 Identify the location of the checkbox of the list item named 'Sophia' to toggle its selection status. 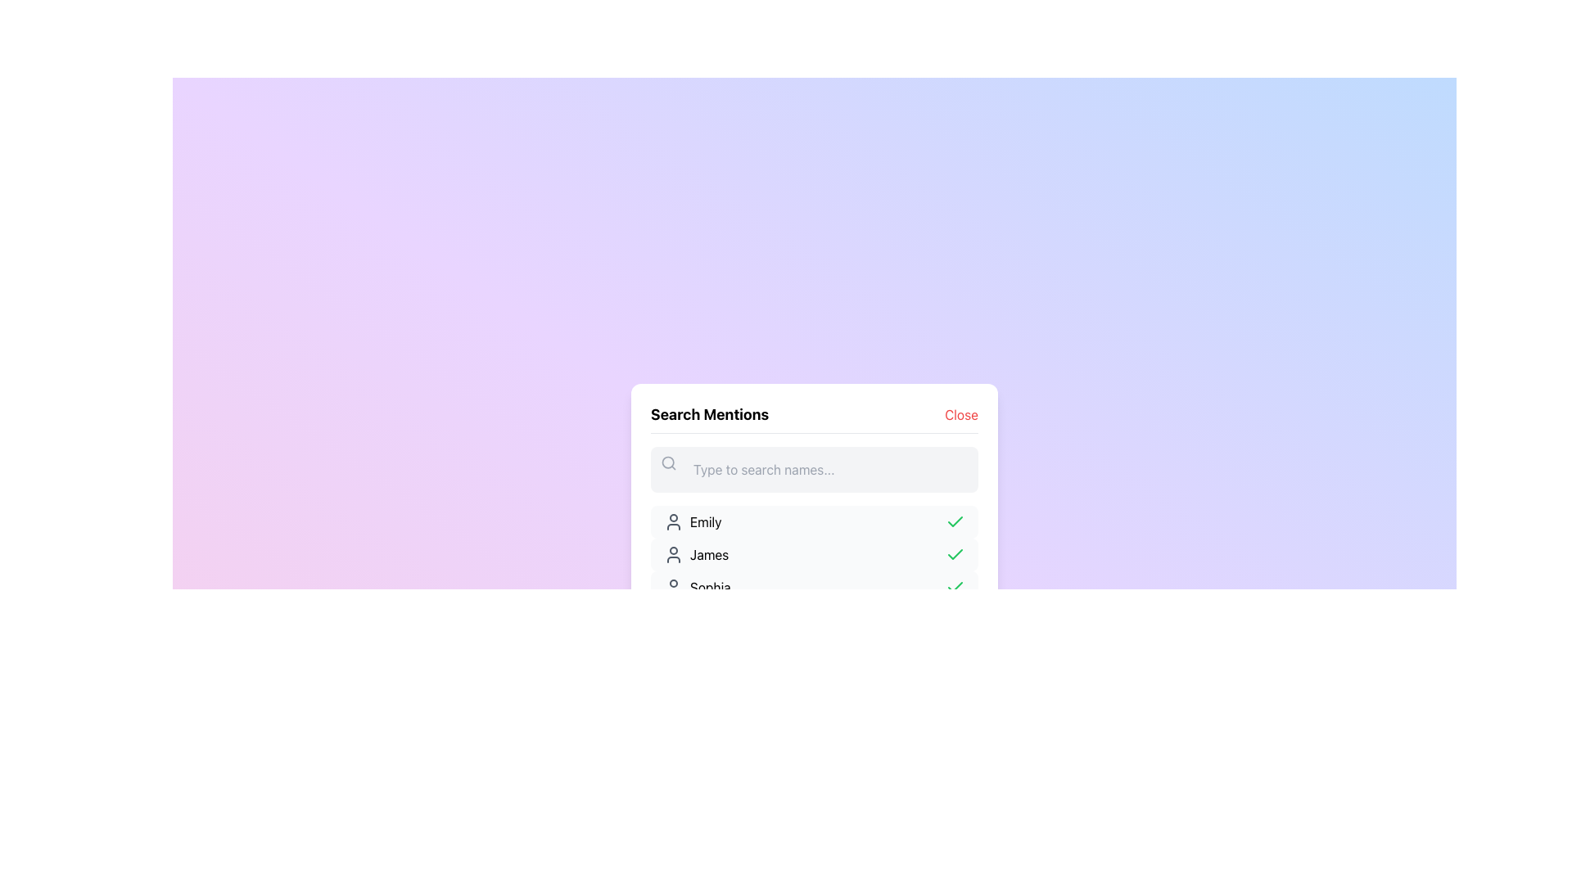
(814, 586).